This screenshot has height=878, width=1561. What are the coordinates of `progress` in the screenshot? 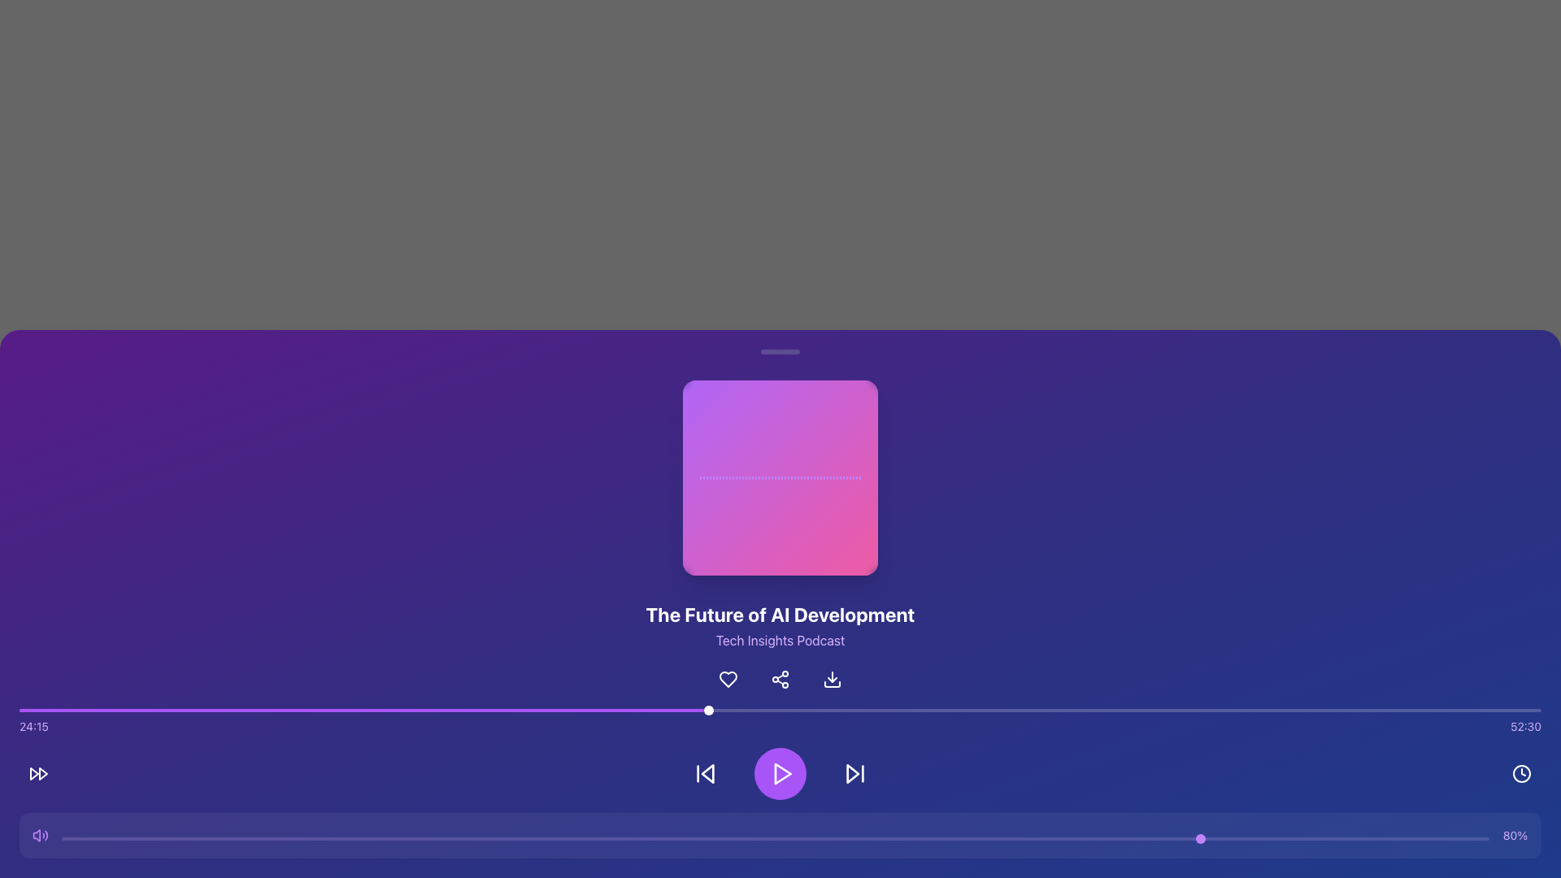 It's located at (537, 710).